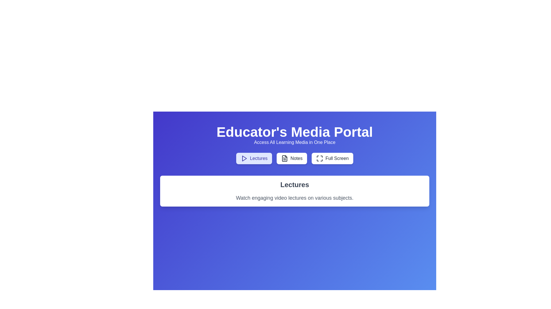  I want to click on the tab labeled Full Screen, so click(332, 159).